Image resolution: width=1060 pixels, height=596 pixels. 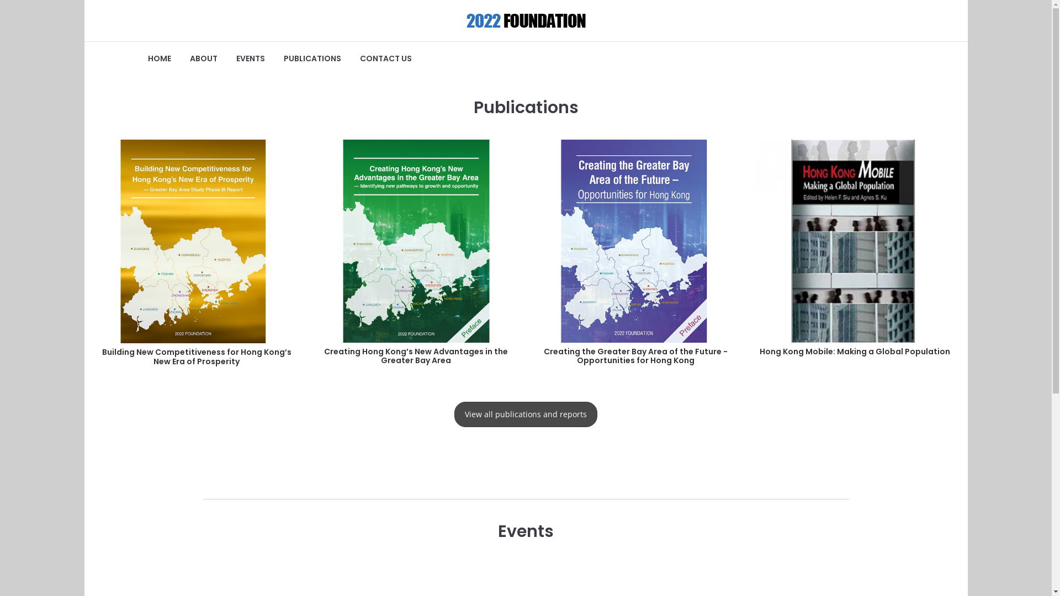 What do you see at coordinates (158, 58) in the screenshot?
I see `'HOME'` at bounding box center [158, 58].